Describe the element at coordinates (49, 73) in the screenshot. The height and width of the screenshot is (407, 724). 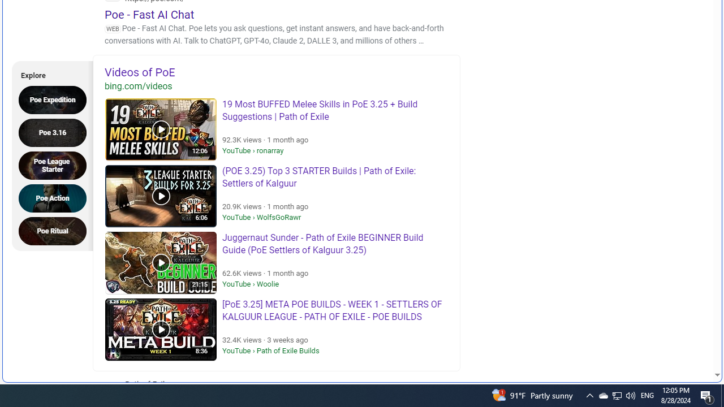
I see `'Explore'` at that location.